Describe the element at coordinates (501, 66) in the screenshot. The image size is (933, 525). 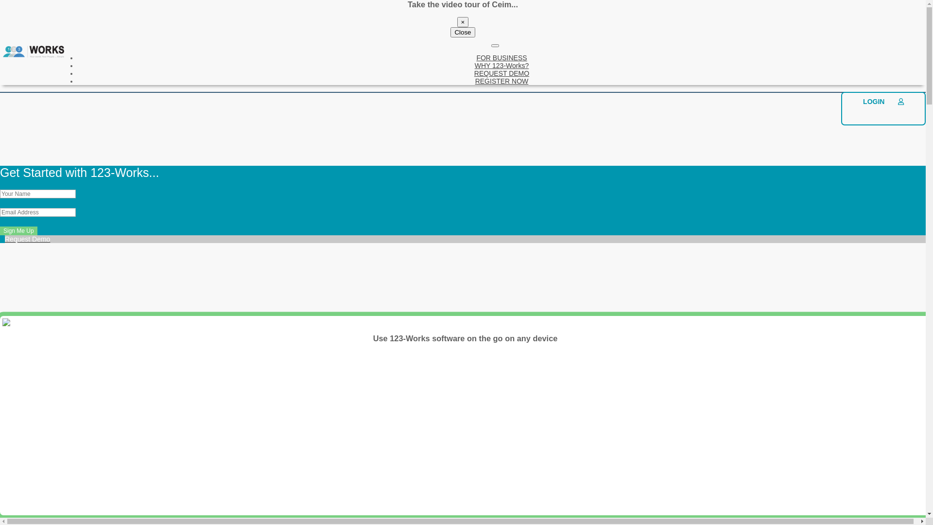
I see `'WHY 123-Works?'` at that location.